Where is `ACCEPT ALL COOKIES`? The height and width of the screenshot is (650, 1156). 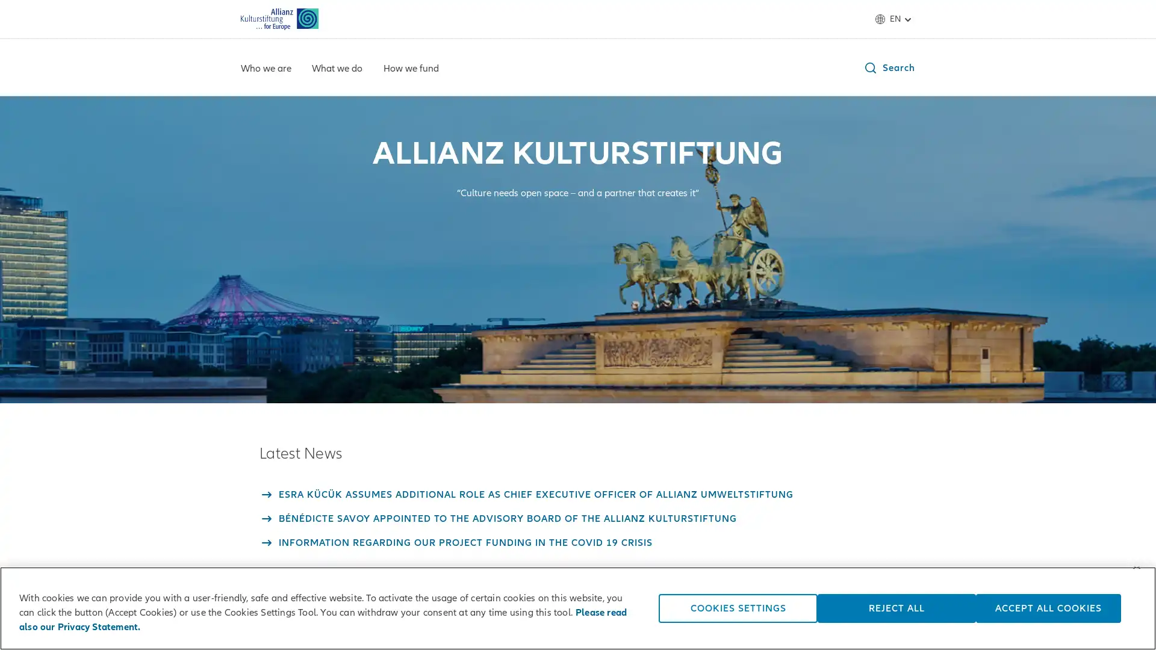
ACCEPT ALL COOKIES is located at coordinates (1048, 608).